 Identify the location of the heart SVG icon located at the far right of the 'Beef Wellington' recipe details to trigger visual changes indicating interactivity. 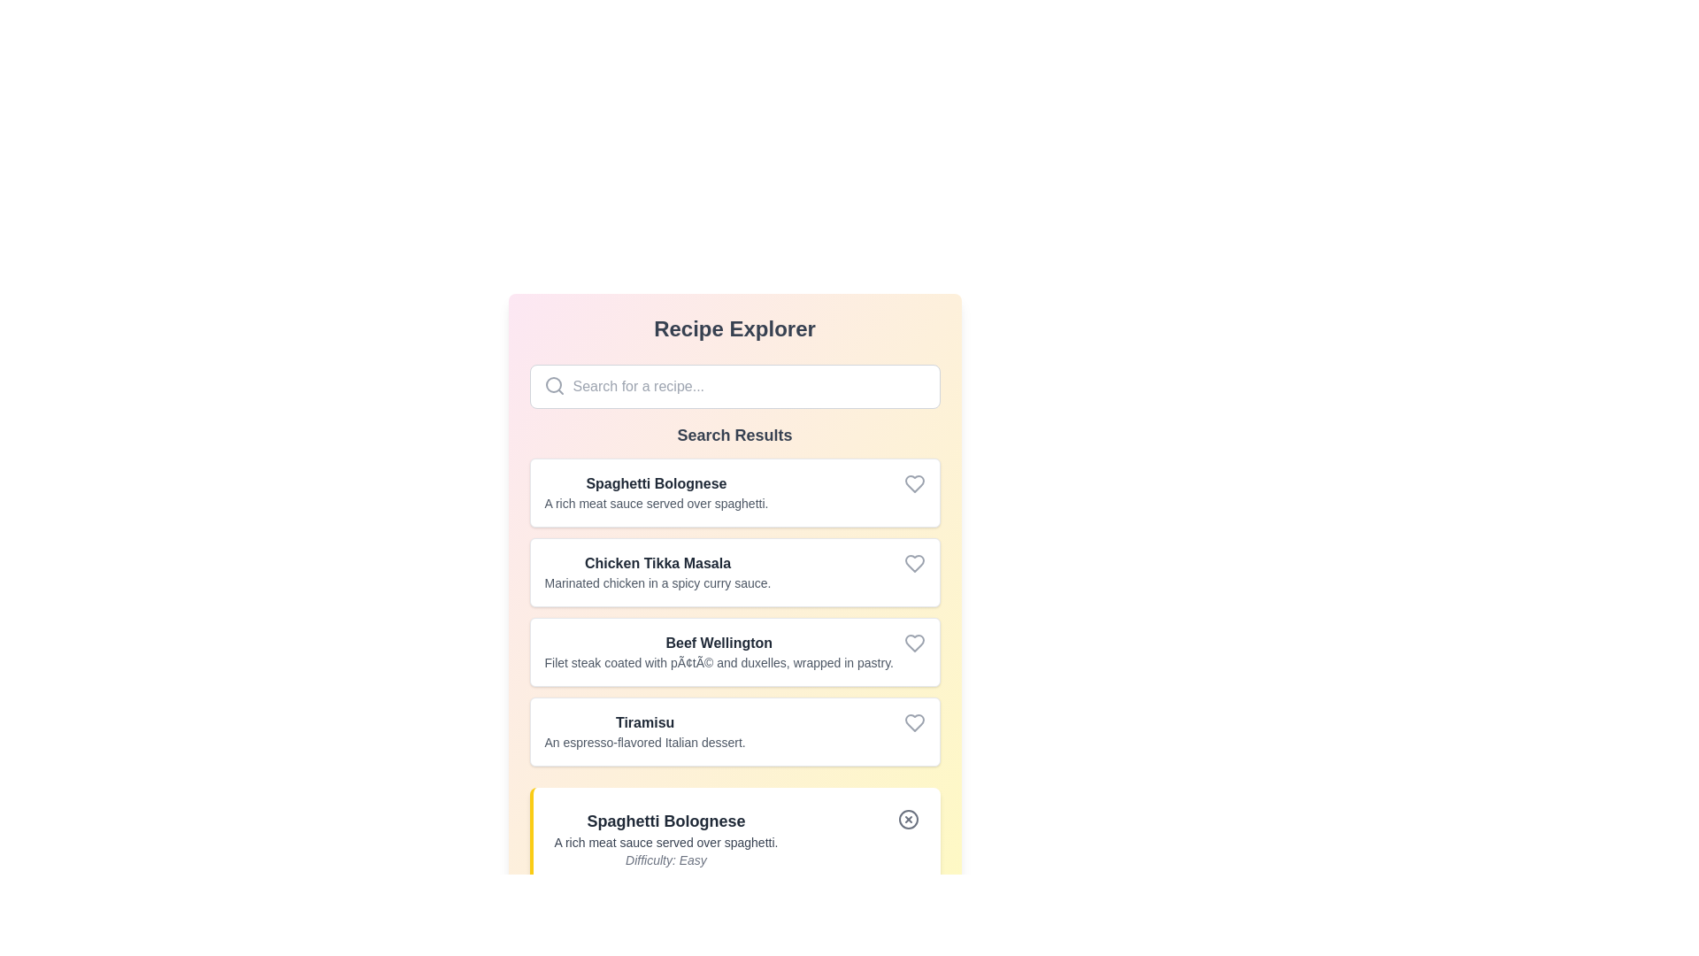
(914, 643).